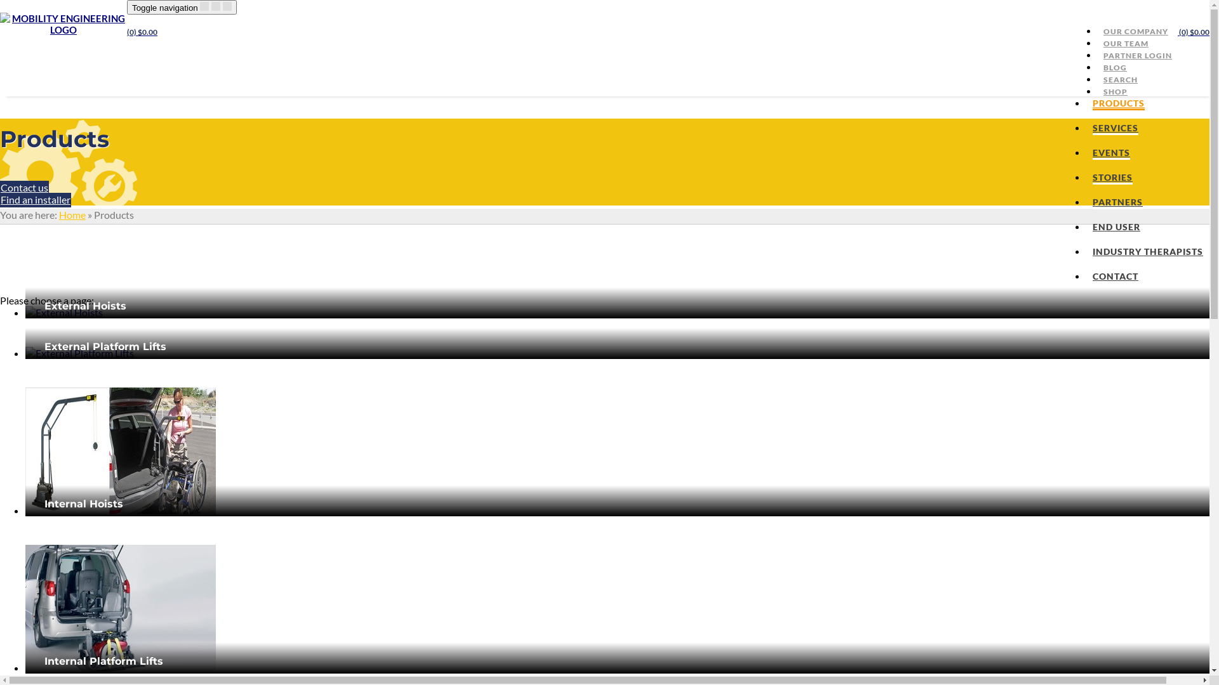 This screenshot has height=685, width=1219. What do you see at coordinates (1137, 55) in the screenshot?
I see `'PARTNER LOGIN'` at bounding box center [1137, 55].